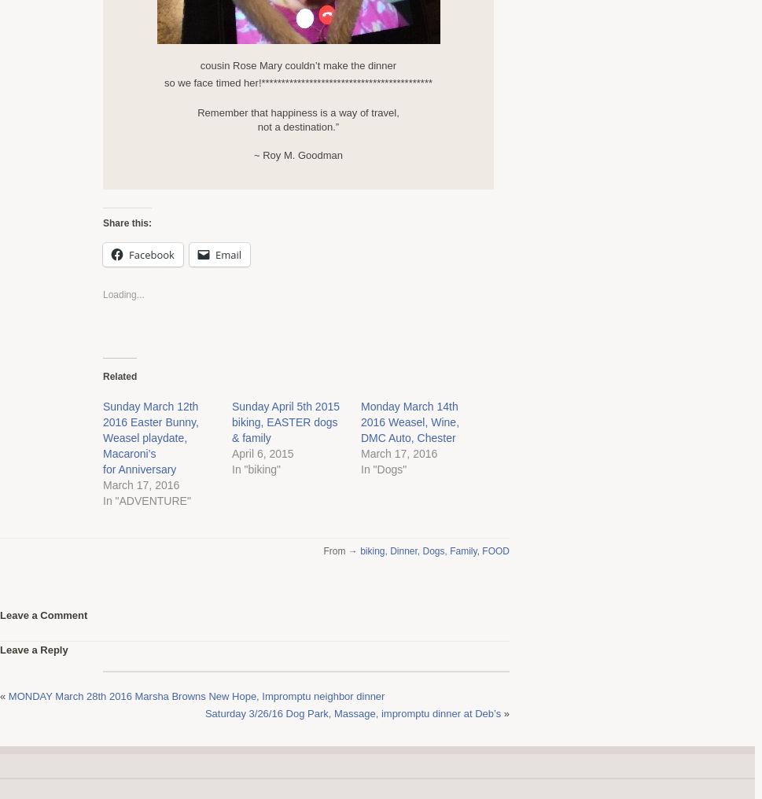 This screenshot has width=762, height=799. Describe the element at coordinates (297, 82) in the screenshot. I see `'so we face timed her!*******************************************'` at that location.